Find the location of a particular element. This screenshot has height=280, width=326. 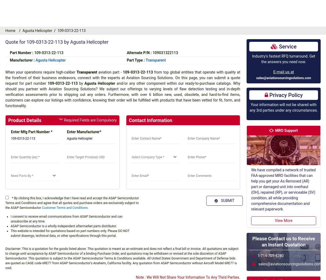

'Semiconductor’s Certifications and Memberships' is located at coordinates (176, 203).